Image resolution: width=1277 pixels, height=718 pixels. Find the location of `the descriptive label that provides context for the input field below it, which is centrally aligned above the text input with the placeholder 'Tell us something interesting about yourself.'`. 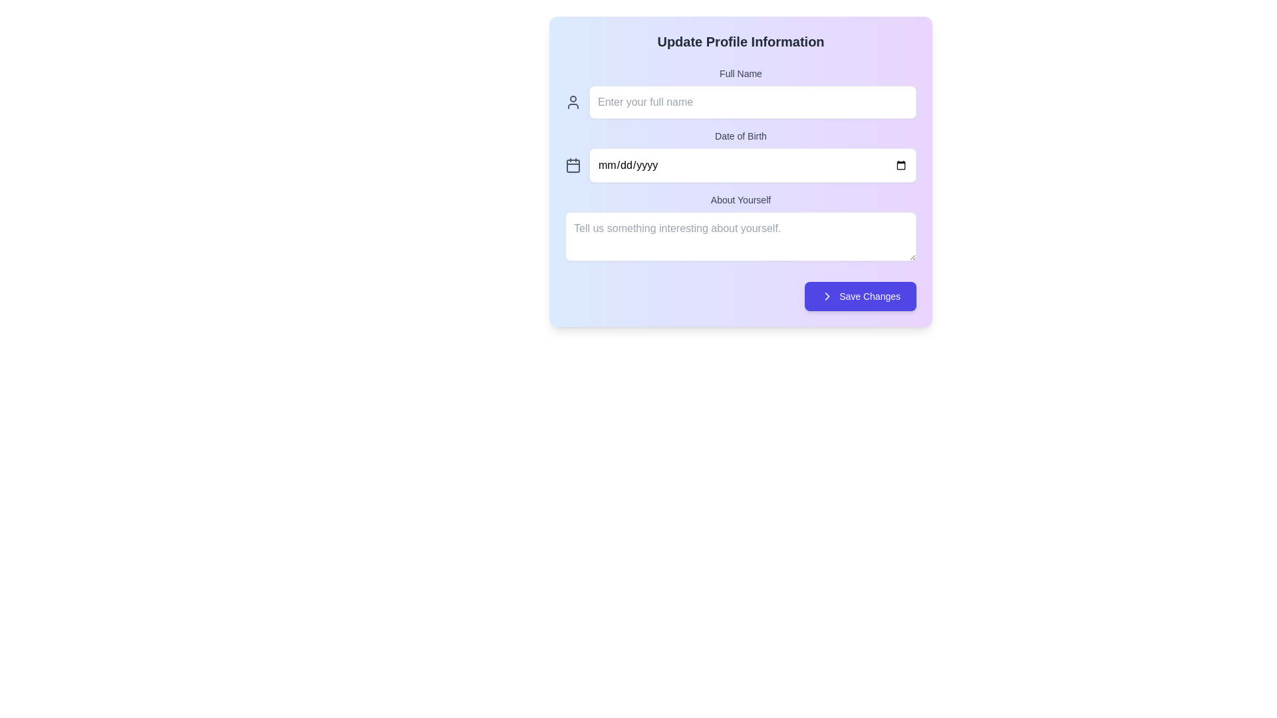

the descriptive label that provides context for the input field below it, which is centrally aligned above the text input with the placeholder 'Tell us something interesting about yourself.' is located at coordinates (740, 199).